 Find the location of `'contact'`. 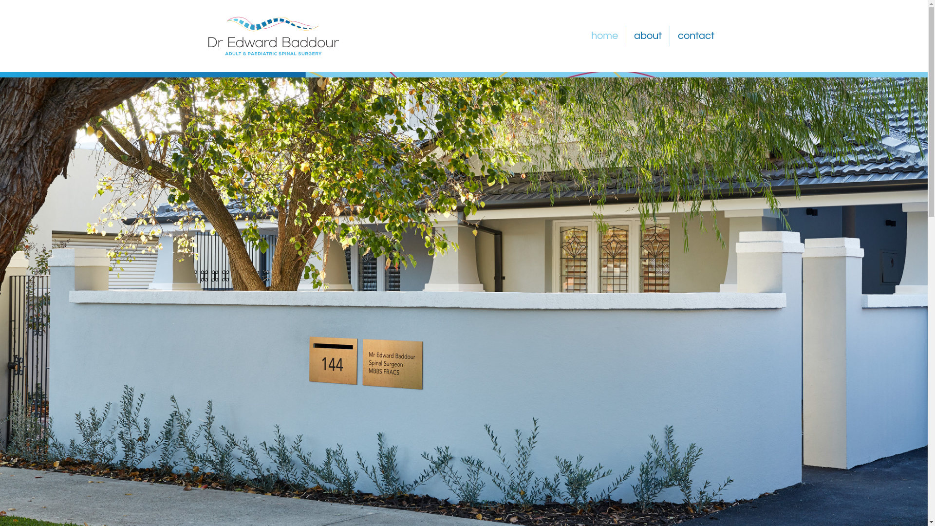

'contact' is located at coordinates (695, 35).